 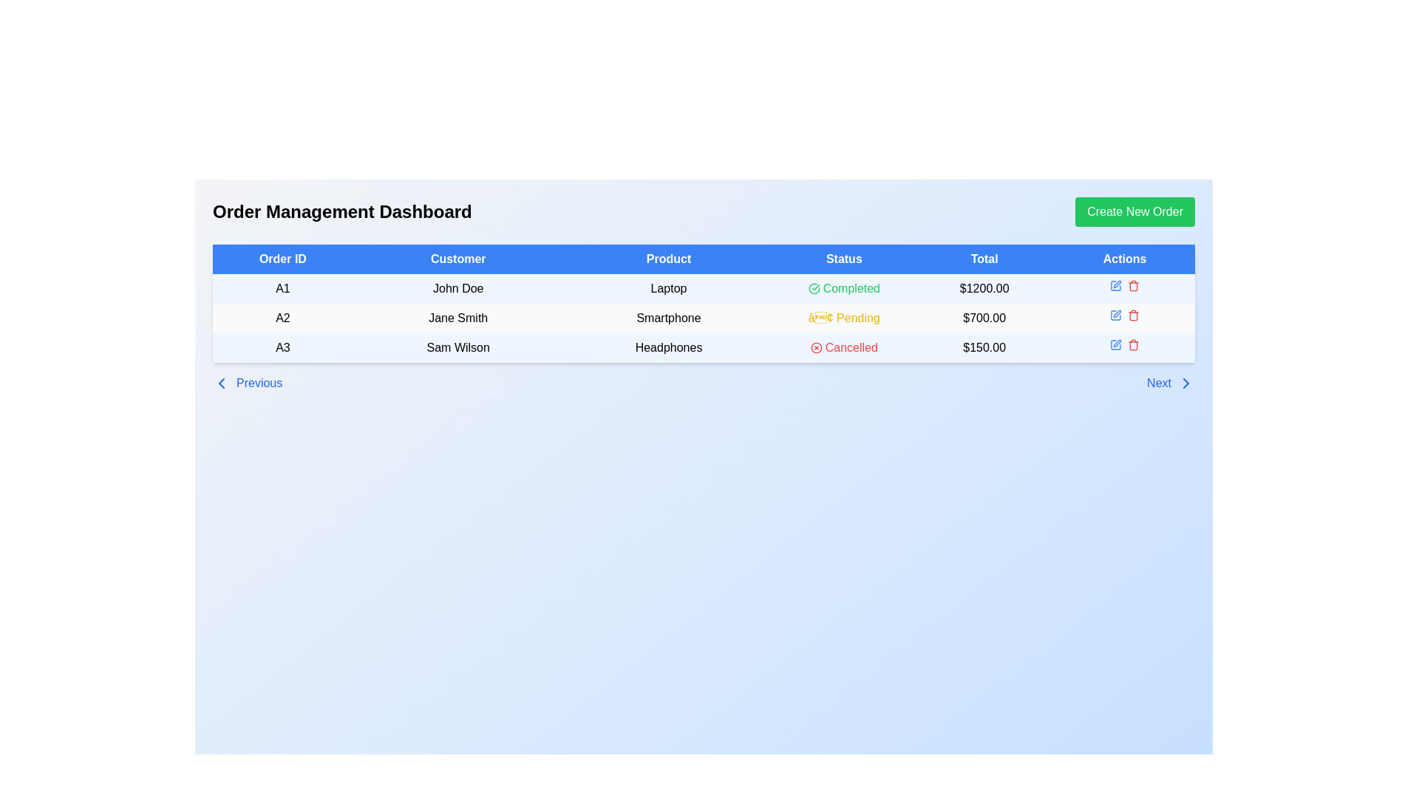 What do you see at coordinates (844, 347) in the screenshot?
I see `the 'Cancelled' status label with icon for the order of 'Sam Wilson' for 'Headphones' located in the fourth column of the status data grid` at bounding box center [844, 347].